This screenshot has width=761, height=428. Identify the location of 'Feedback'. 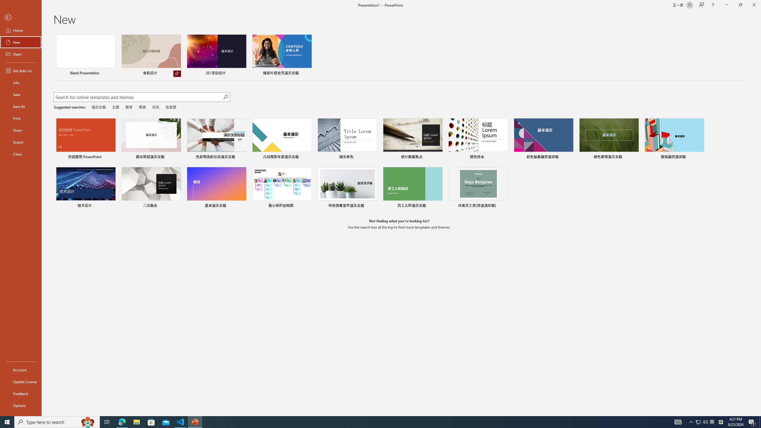
(21, 394).